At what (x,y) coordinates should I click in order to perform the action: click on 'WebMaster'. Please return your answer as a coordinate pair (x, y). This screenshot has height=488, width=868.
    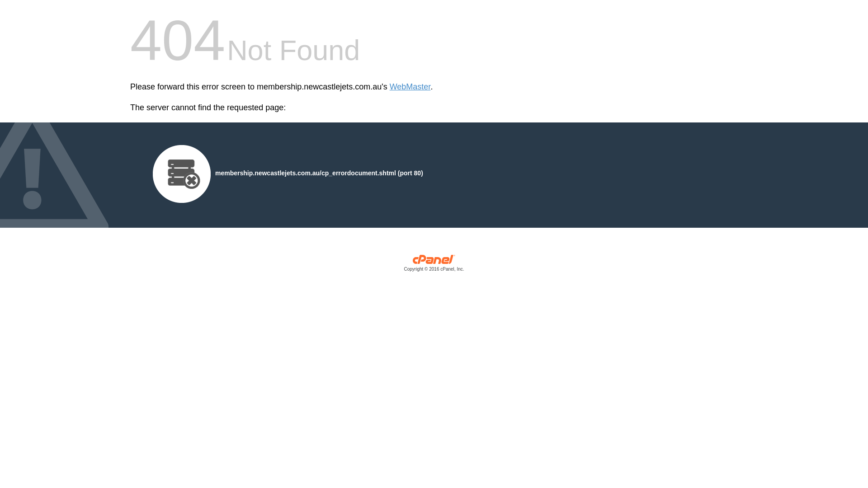
    Looking at the image, I should click on (410, 87).